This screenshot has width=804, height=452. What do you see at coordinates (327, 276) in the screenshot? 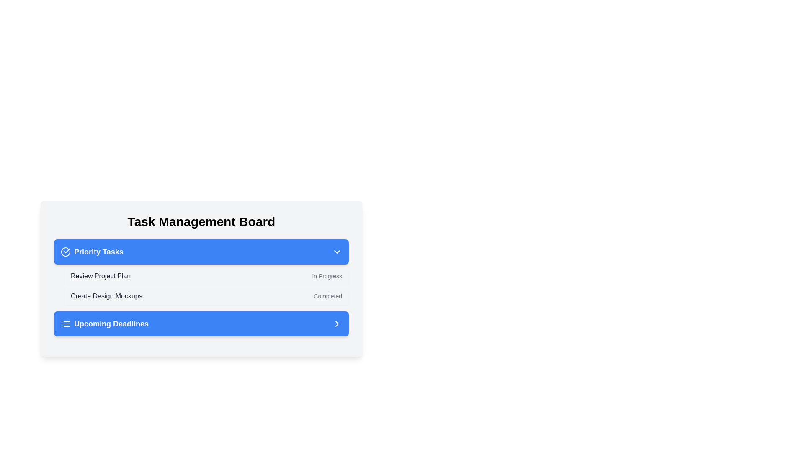
I see `the text label displaying 'In Progress' in the 'Priority Tasks' section, which is aligned to the right side of the 'Review Project Plan' task entry` at bounding box center [327, 276].